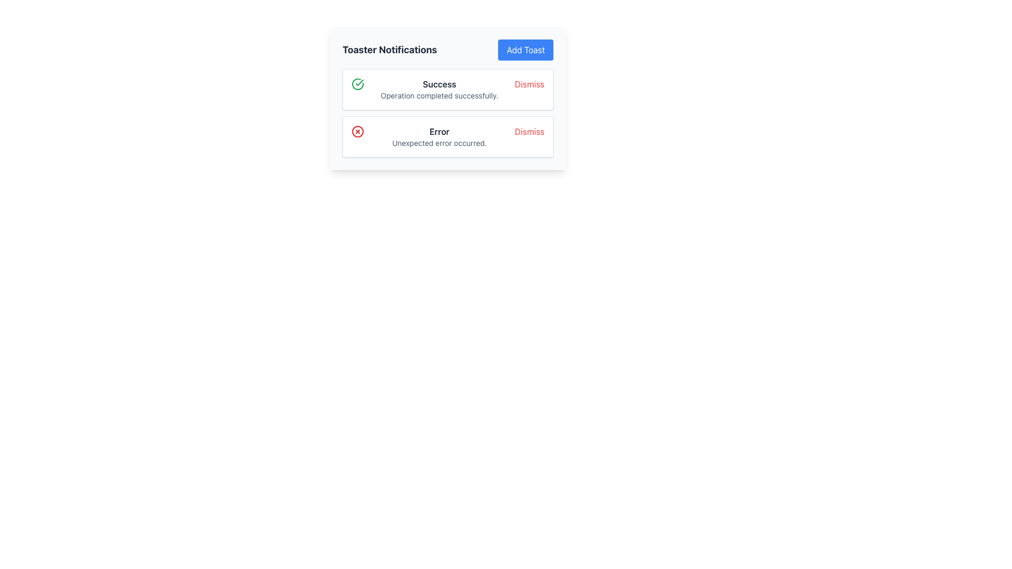  Describe the element at coordinates (447, 89) in the screenshot. I see `the first Notification Card located in the notification panel below the heading 'Toaster Notifications'` at that location.